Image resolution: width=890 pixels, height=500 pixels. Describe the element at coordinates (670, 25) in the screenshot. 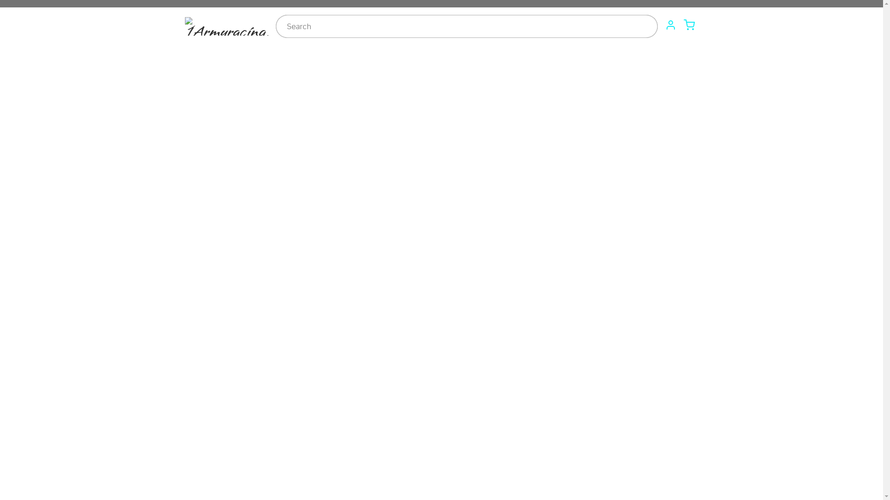

I see `'Account'` at that location.